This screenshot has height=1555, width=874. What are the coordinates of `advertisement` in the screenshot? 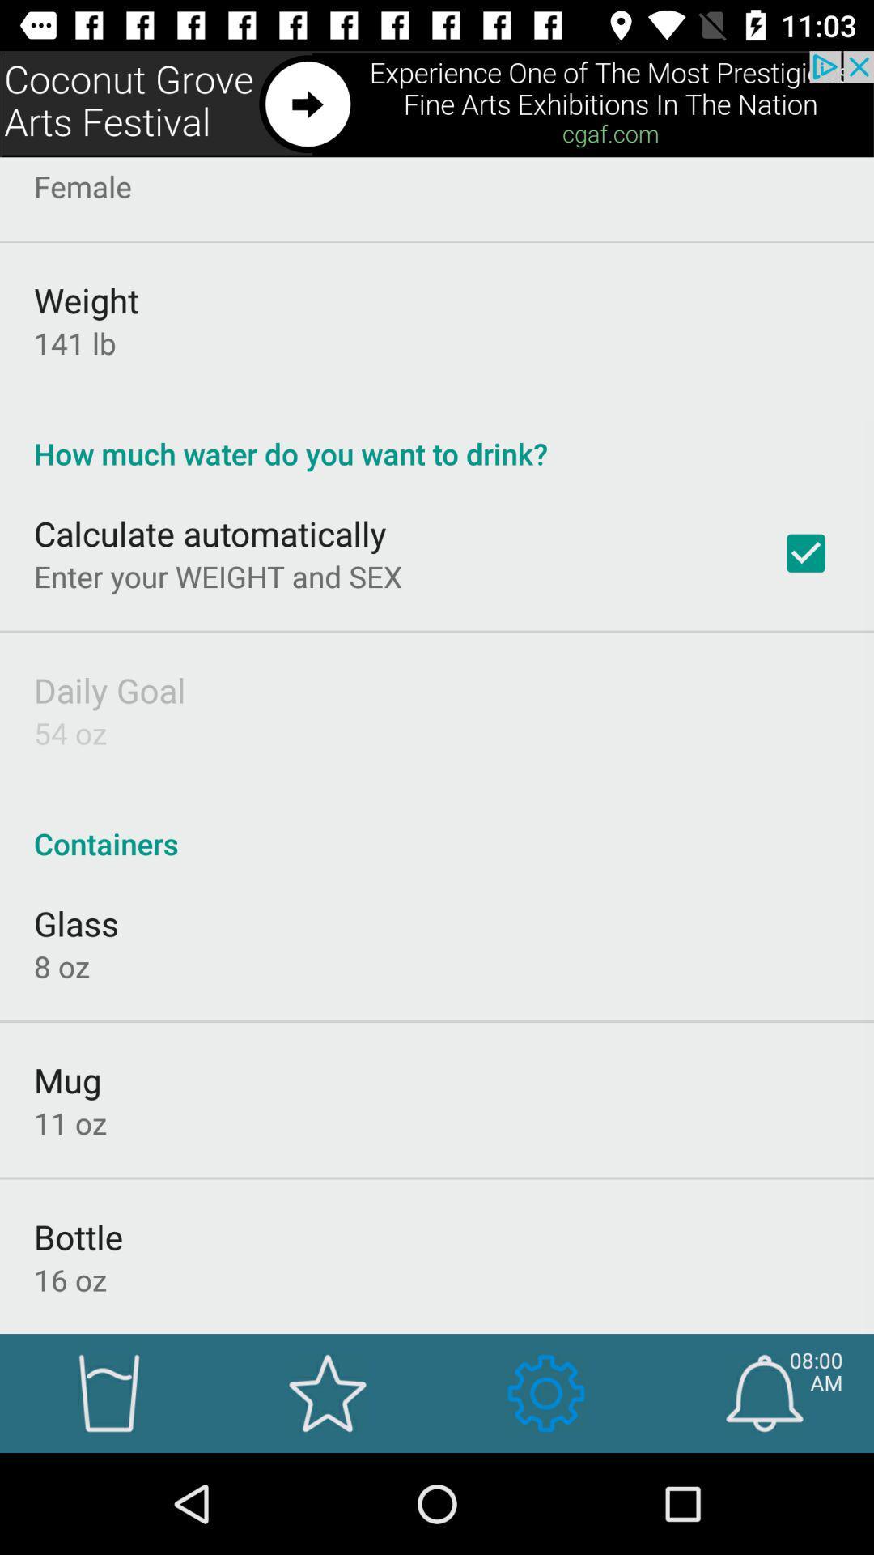 It's located at (437, 103).